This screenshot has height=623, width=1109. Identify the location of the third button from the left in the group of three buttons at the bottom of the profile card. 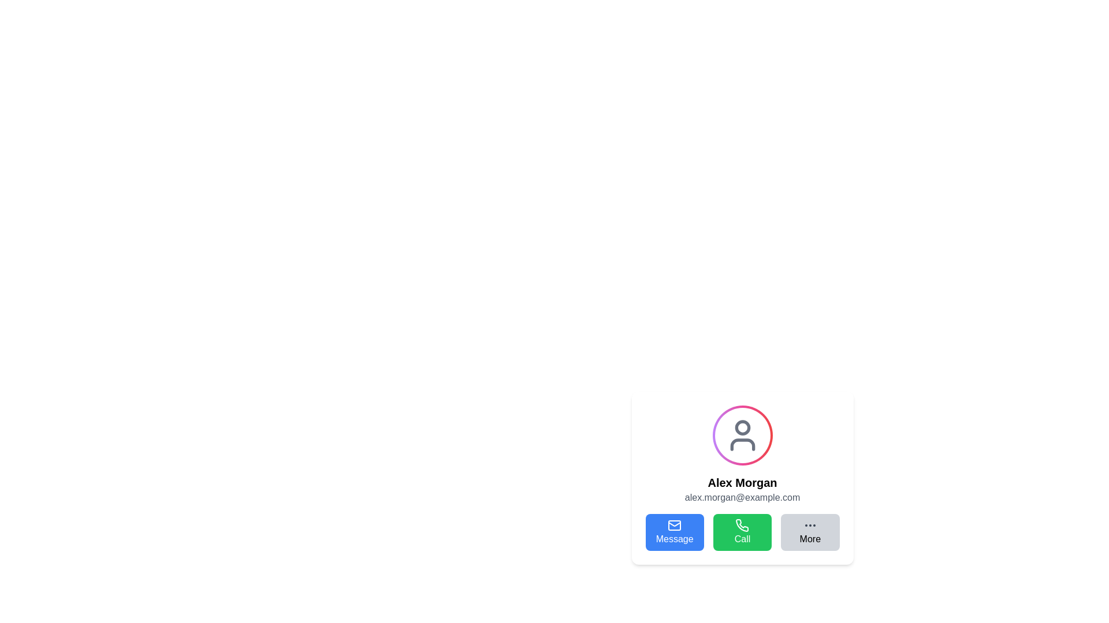
(809, 532).